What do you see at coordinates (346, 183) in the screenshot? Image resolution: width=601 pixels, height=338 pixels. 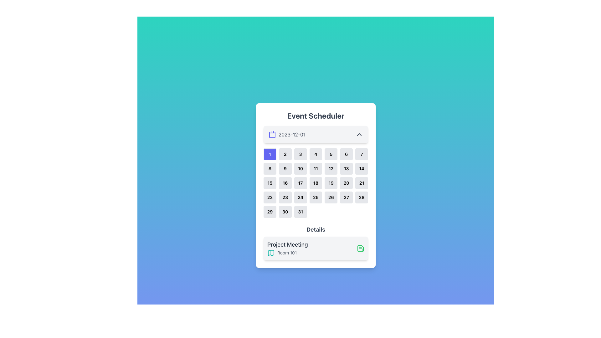 I see `the button representing the date '20' in the calendar view` at bounding box center [346, 183].